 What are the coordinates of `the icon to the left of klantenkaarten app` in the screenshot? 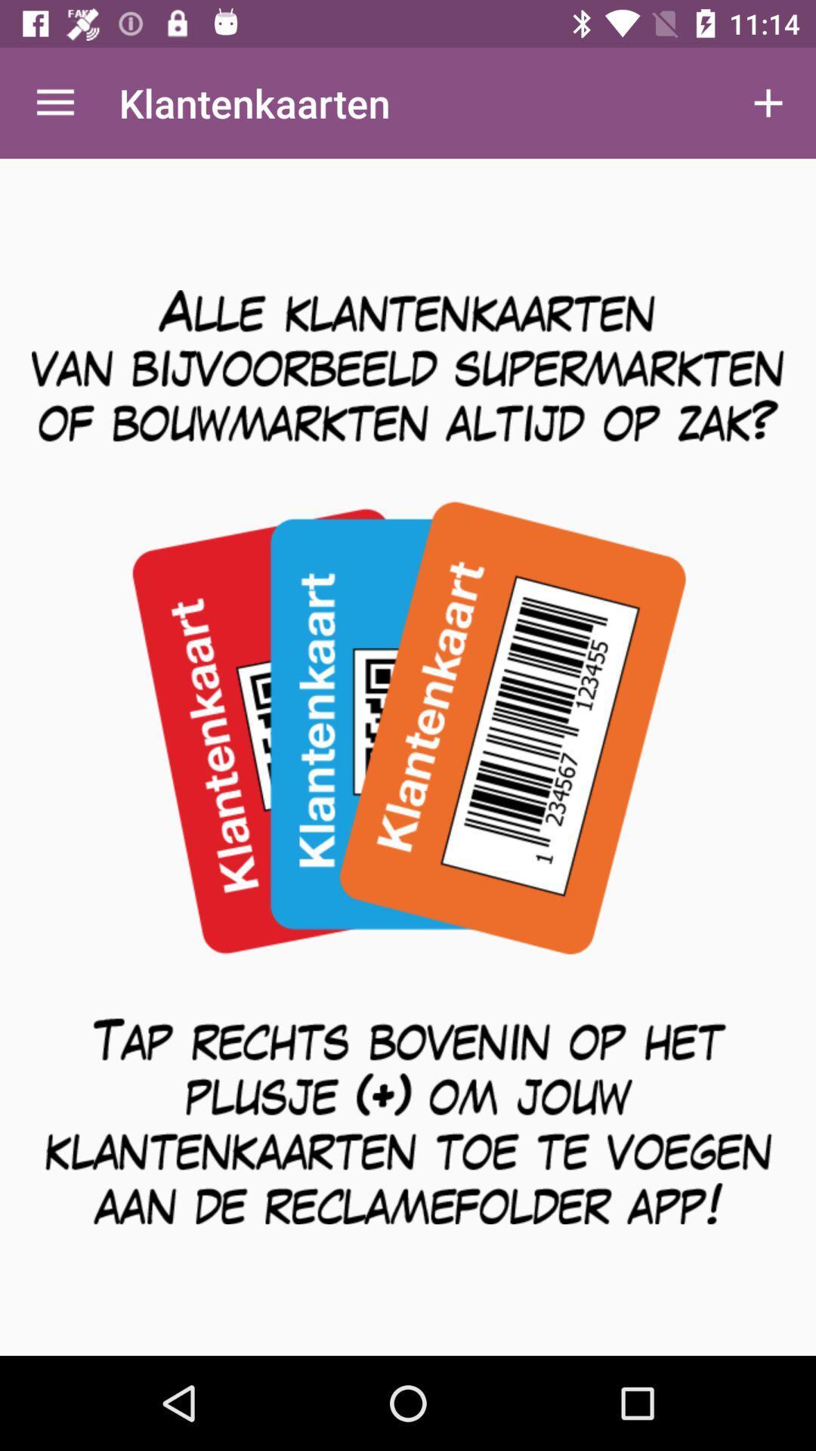 It's located at (54, 102).